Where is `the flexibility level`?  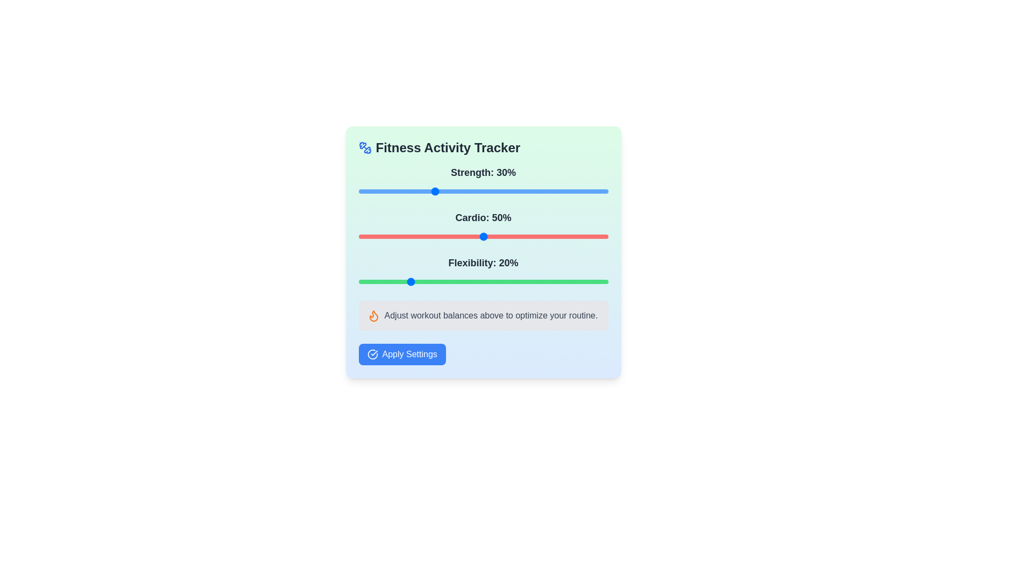 the flexibility level is located at coordinates (492, 281).